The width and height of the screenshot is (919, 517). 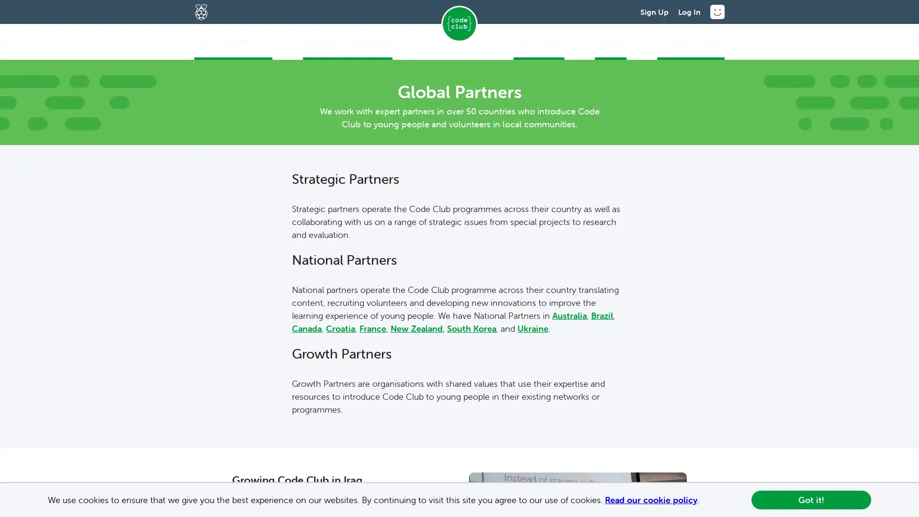 I want to click on learn more about cookies, so click(x=703, y=500).